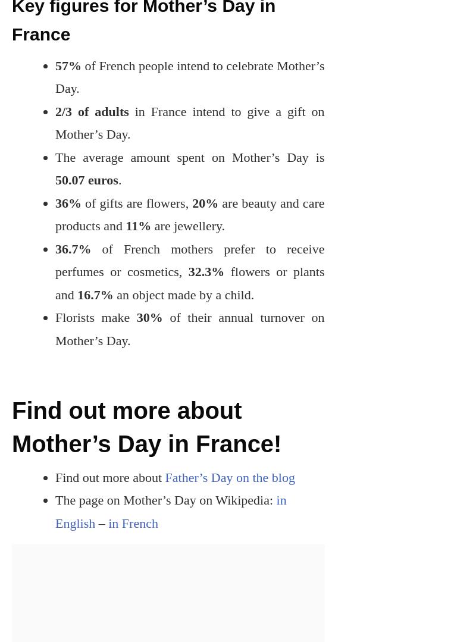 Image resolution: width=476 pixels, height=642 pixels. I want to click on 'Find out more about', so click(109, 476).